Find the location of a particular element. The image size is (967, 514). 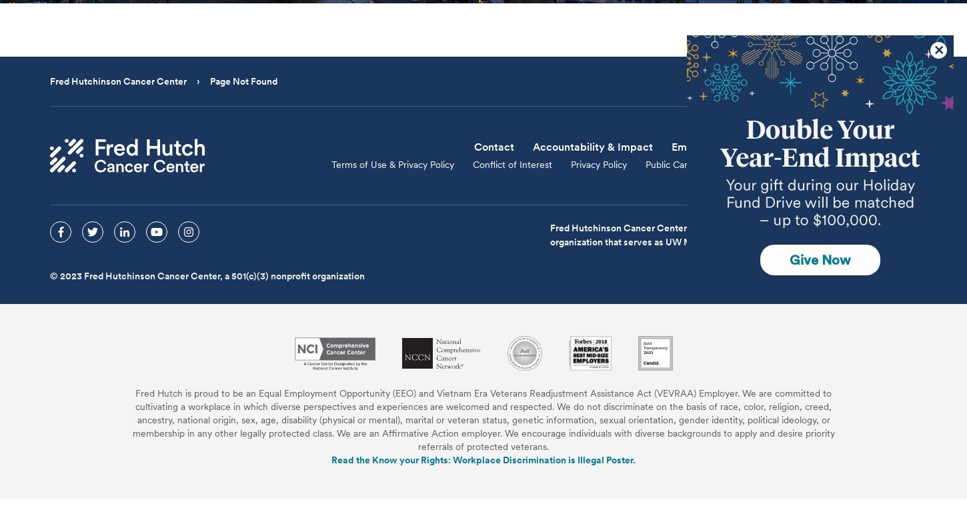

'Subscribe to Fred Hutch News' is located at coordinates (766, 146).